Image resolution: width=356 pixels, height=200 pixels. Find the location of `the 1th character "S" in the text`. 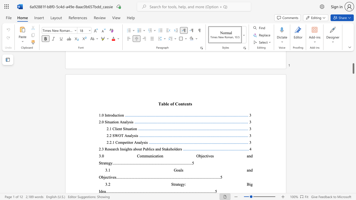

the 1th character "S" in the text is located at coordinates (124, 129).